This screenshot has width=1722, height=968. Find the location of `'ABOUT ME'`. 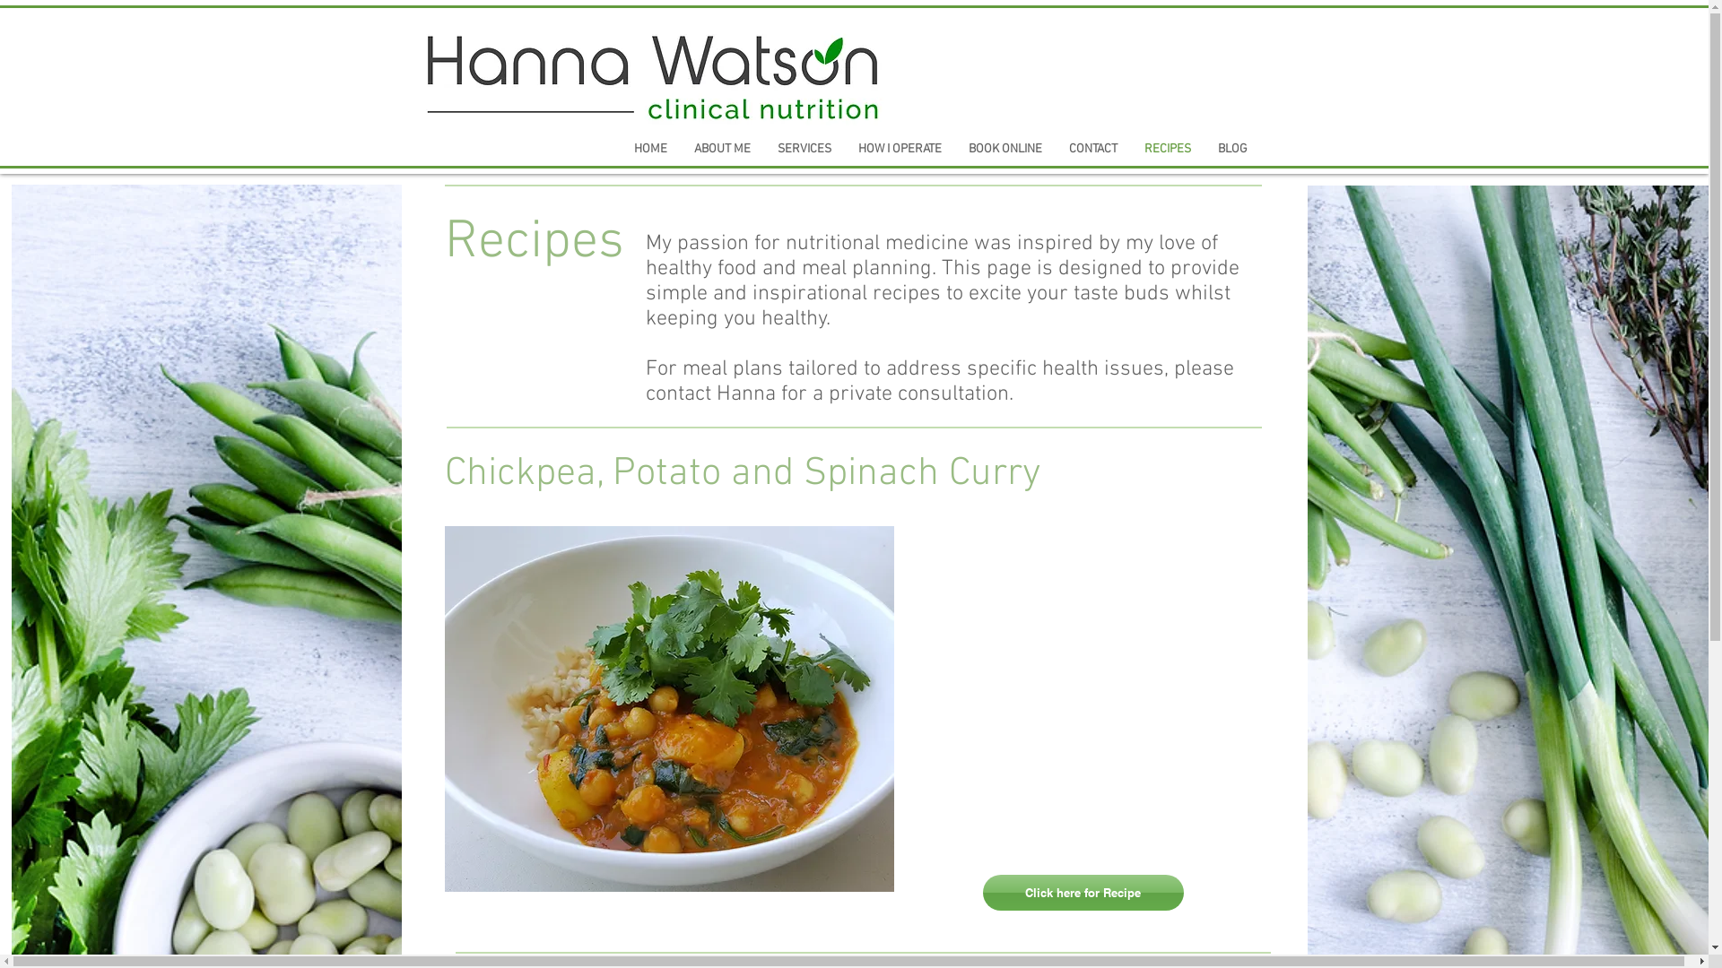

'ABOUT ME' is located at coordinates (721, 148).